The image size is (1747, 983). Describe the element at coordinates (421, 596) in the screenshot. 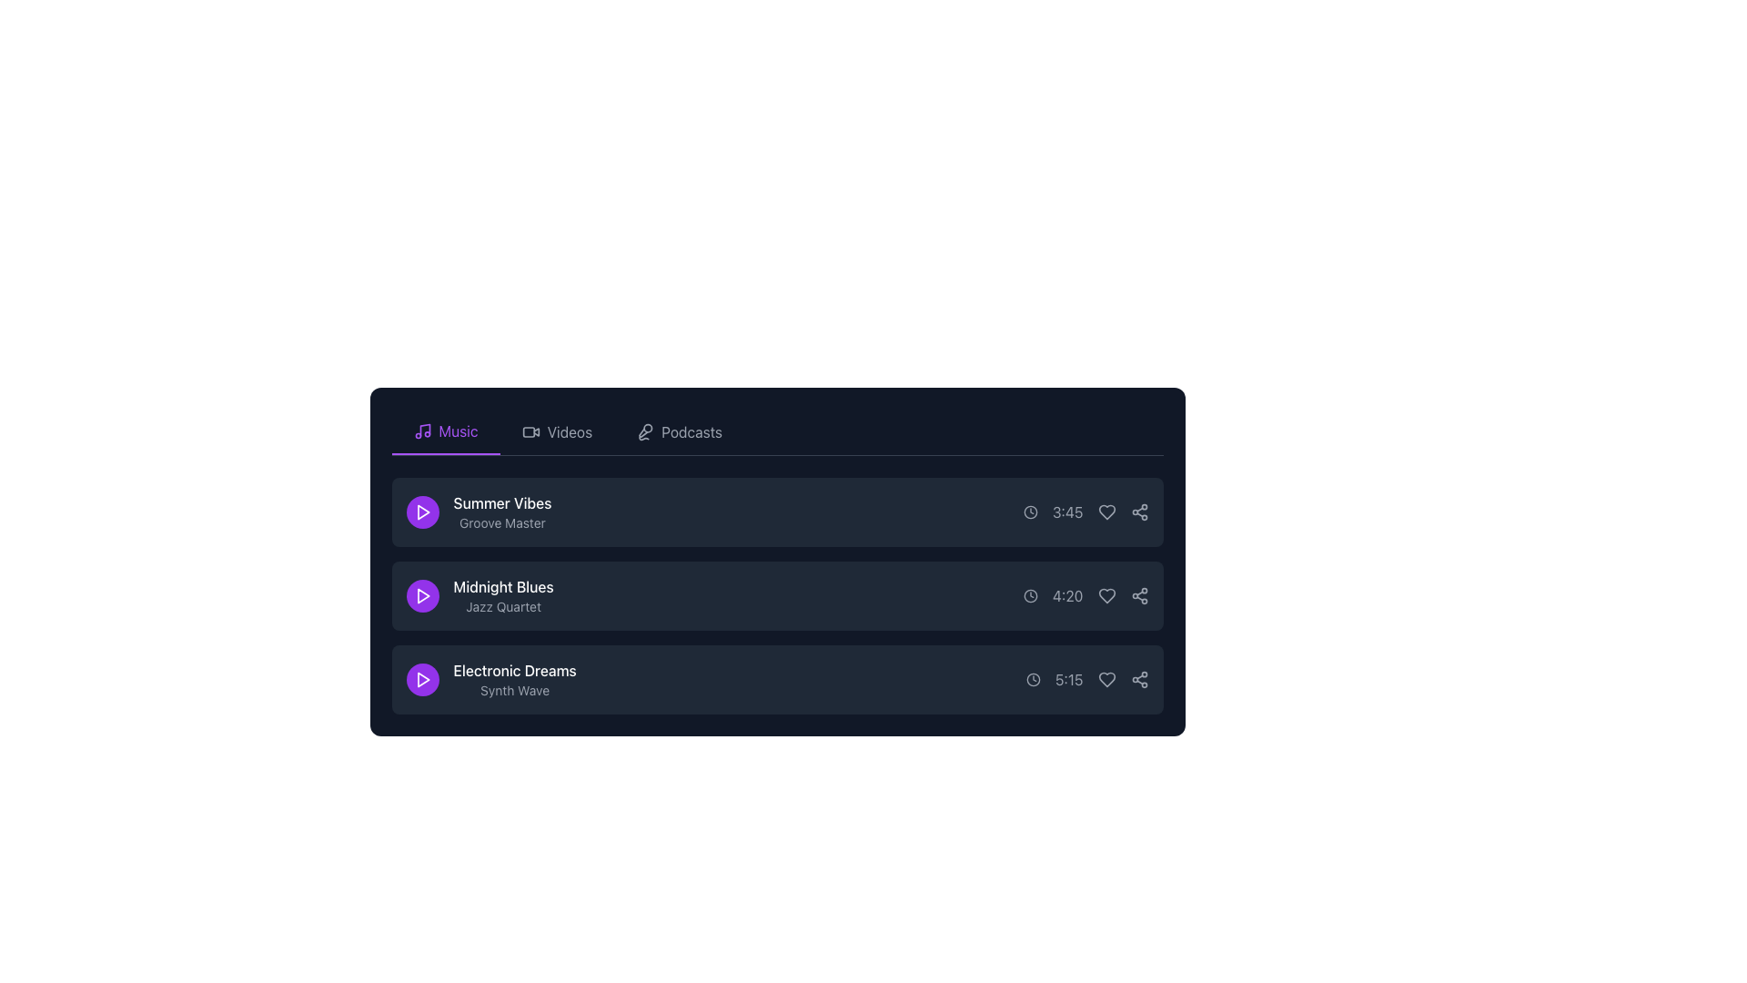

I see `the triangular 'Play' icon within the purple circular button located at the leftmost side of the 'Summer Vibes' entry to play the associated media` at that location.